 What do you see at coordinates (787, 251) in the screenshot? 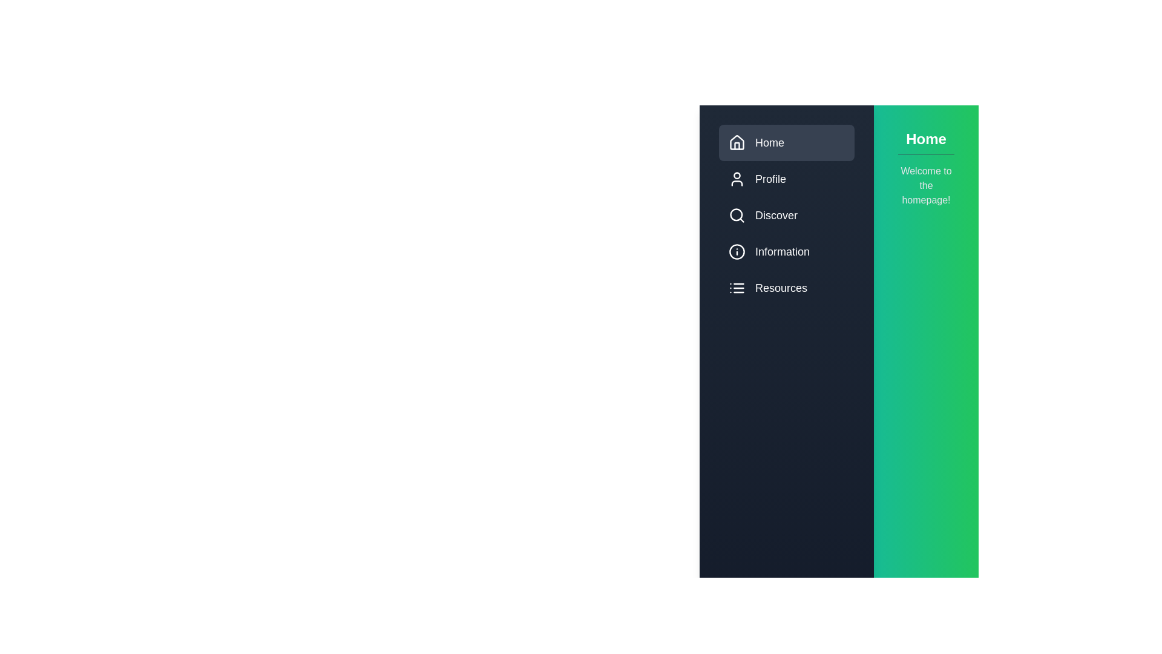
I see `the menu item labeled Information to switch the active content` at bounding box center [787, 251].